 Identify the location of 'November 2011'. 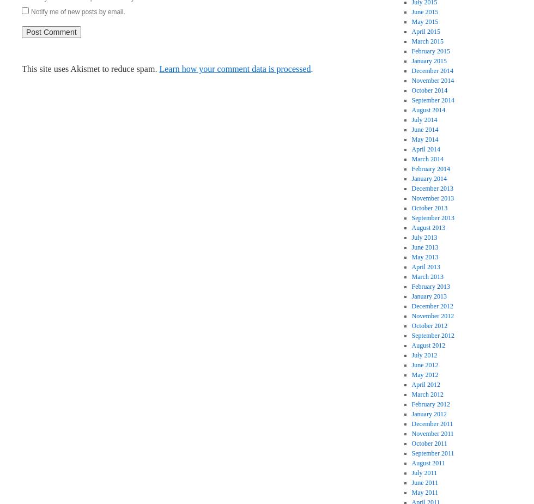
(411, 433).